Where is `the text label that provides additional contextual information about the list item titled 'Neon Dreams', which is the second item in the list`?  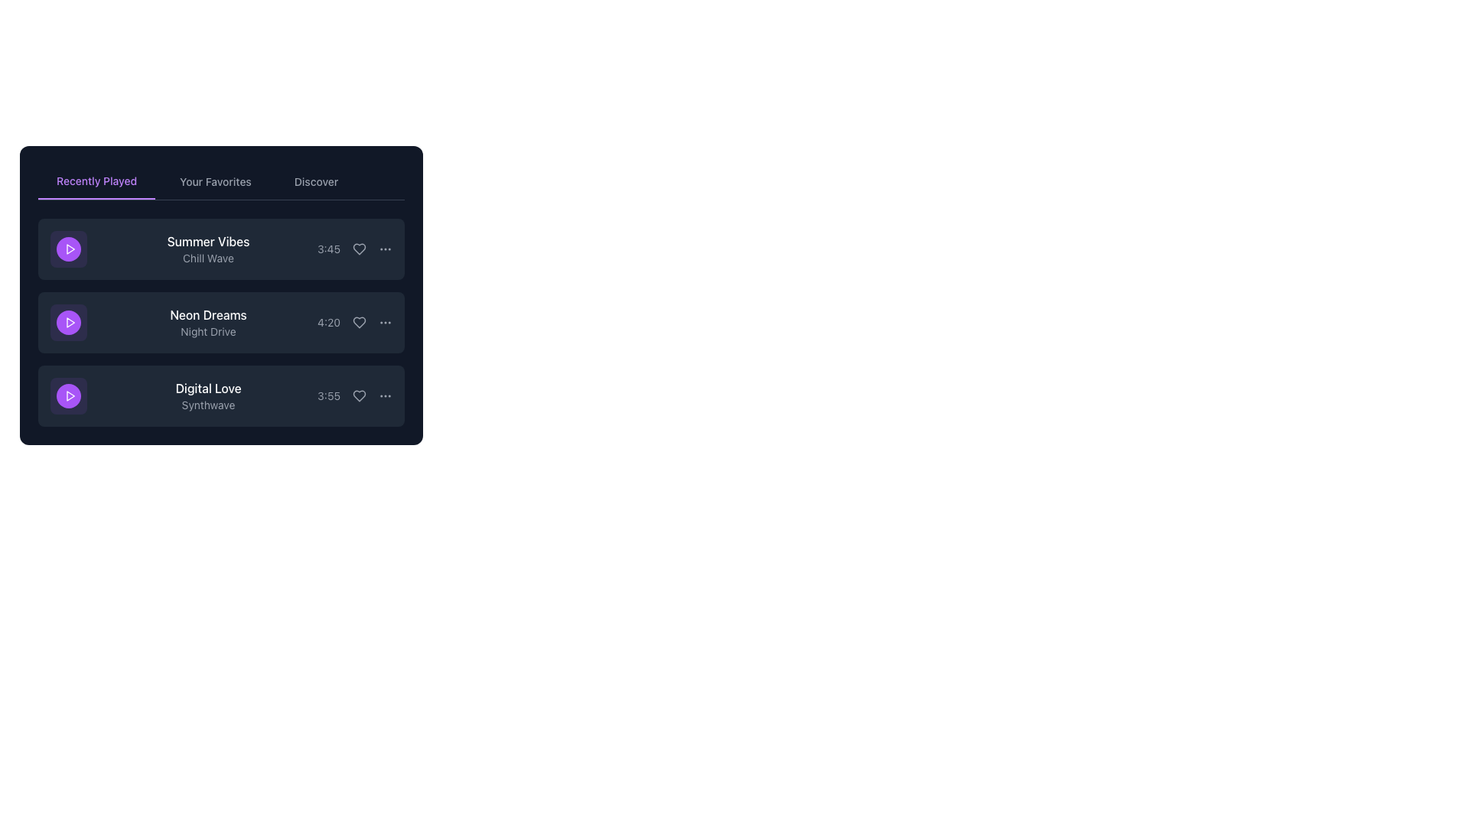
the text label that provides additional contextual information about the list item titled 'Neon Dreams', which is the second item in the list is located at coordinates (207, 331).